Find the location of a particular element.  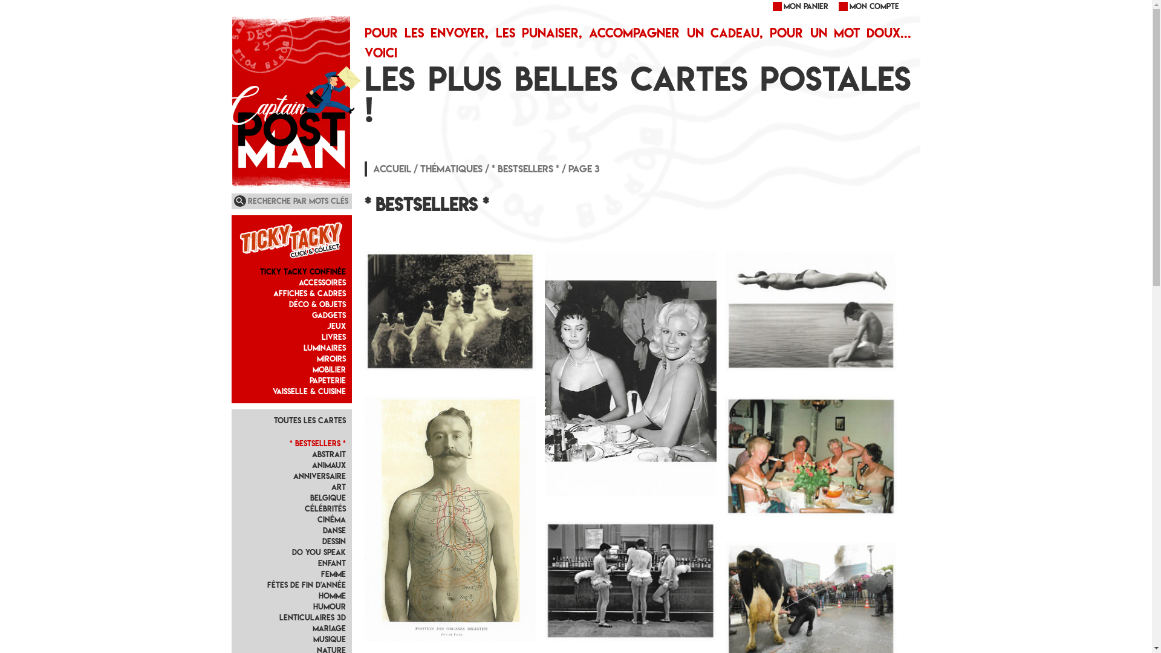

'Accessoires' is located at coordinates (322, 282).